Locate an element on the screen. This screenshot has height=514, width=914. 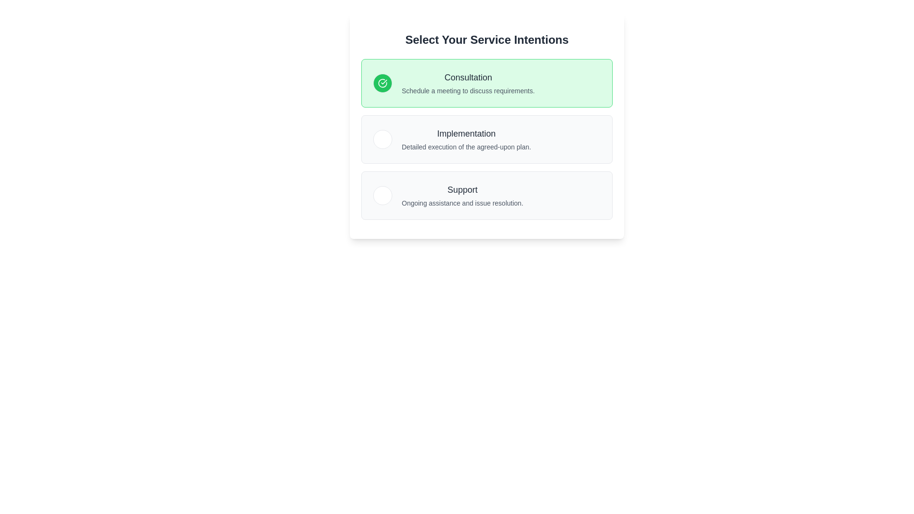
the text display titled 'Consultation' which includes the description 'Schedule a meeting to discuss requirements.' This element is highlighted in green and is located at the top of a vertical list of service intentions, to the right of a circular green checkmark icon is located at coordinates (468, 82).